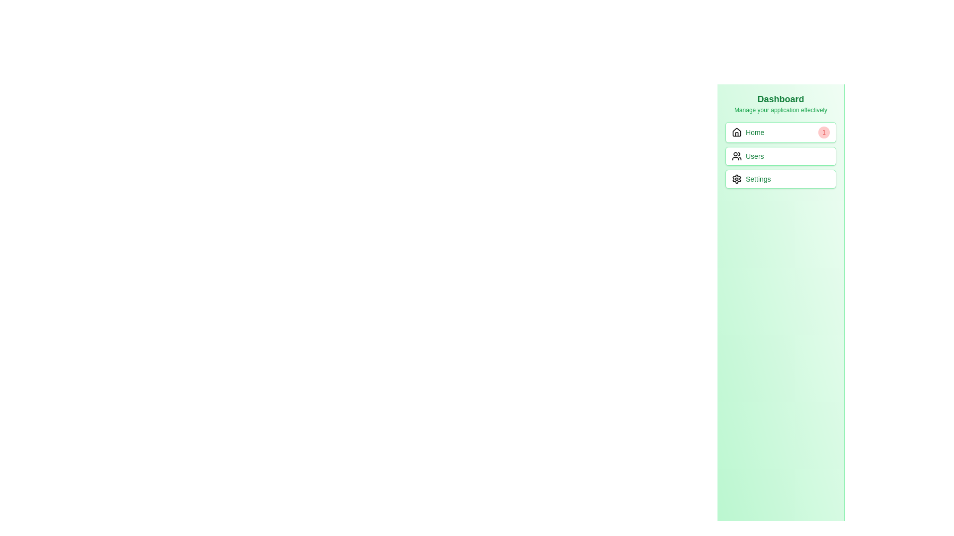 This screenshot has height=536, width=954. What do you see at coordinates (755, 132) in the screenshot?
I see `text label displaying 'Home' in a green font, which is bold and located to the right of a house icon in the navigation menu` at bounding box center [755, 132].